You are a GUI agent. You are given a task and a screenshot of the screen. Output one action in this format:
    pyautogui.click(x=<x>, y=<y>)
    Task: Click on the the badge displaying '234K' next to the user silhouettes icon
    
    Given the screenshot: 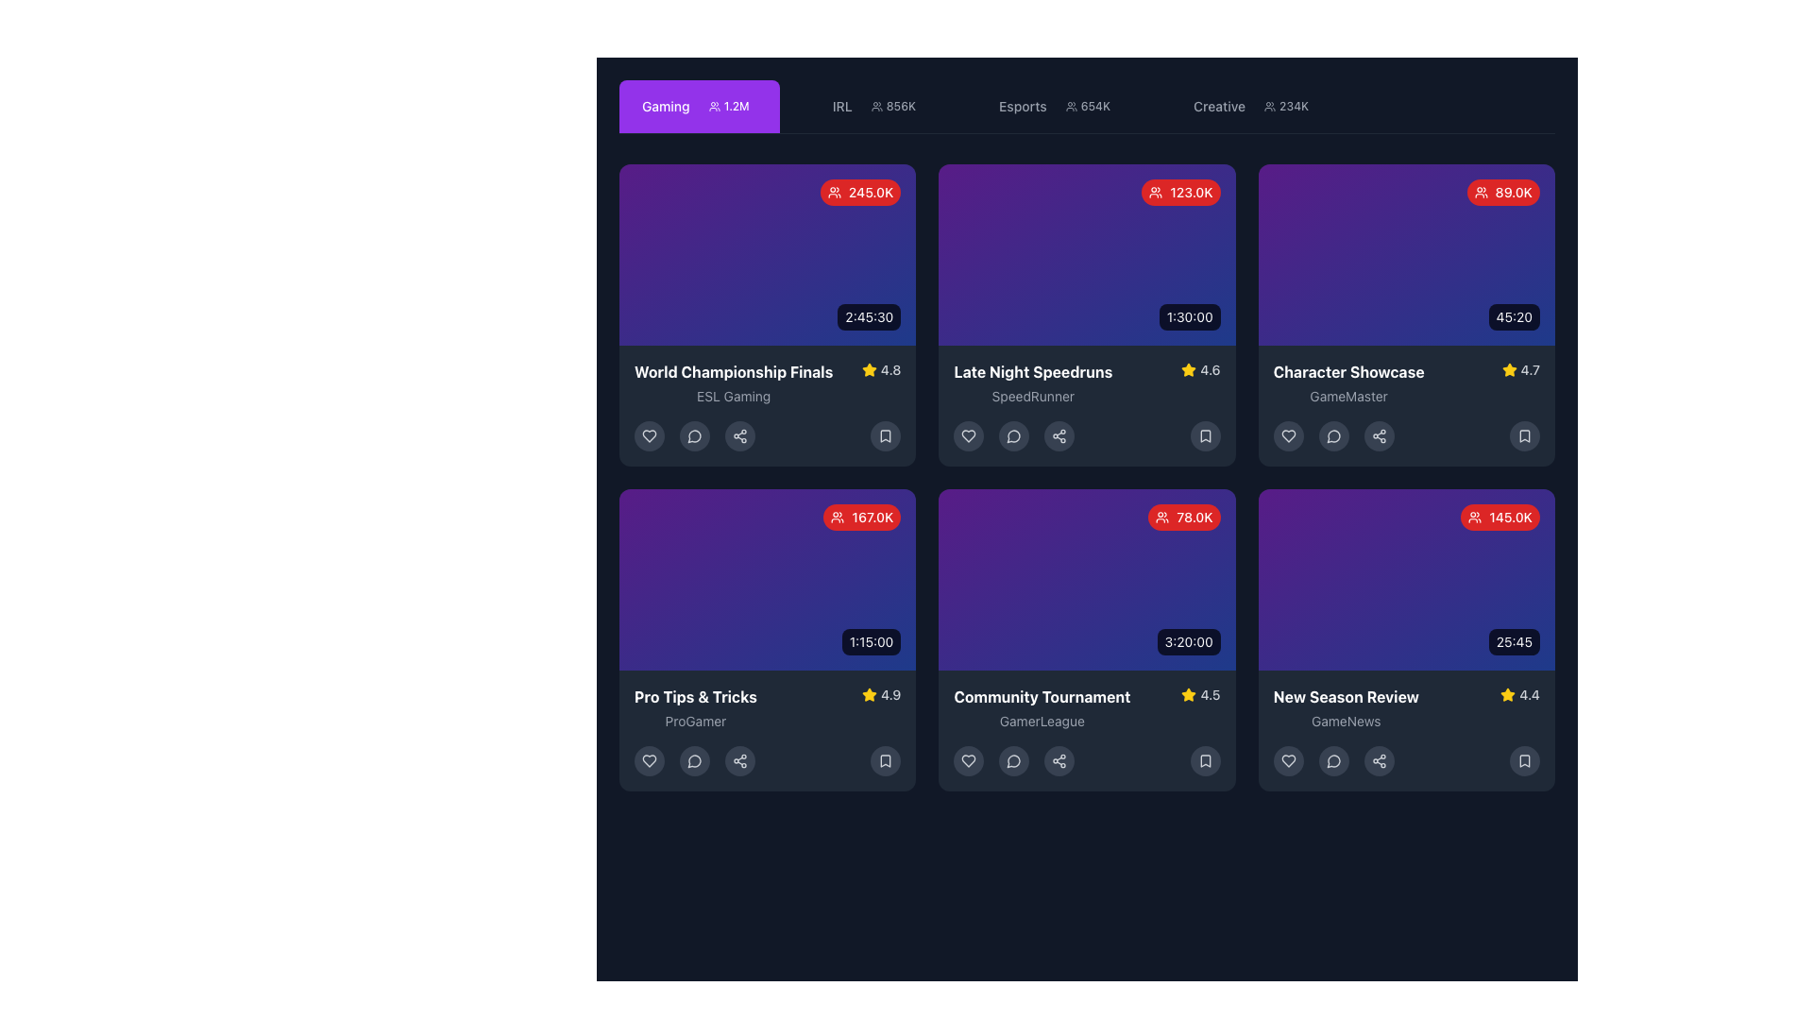 What is the action you would take?
    pyautogui.click(x=1285, y=106)
    